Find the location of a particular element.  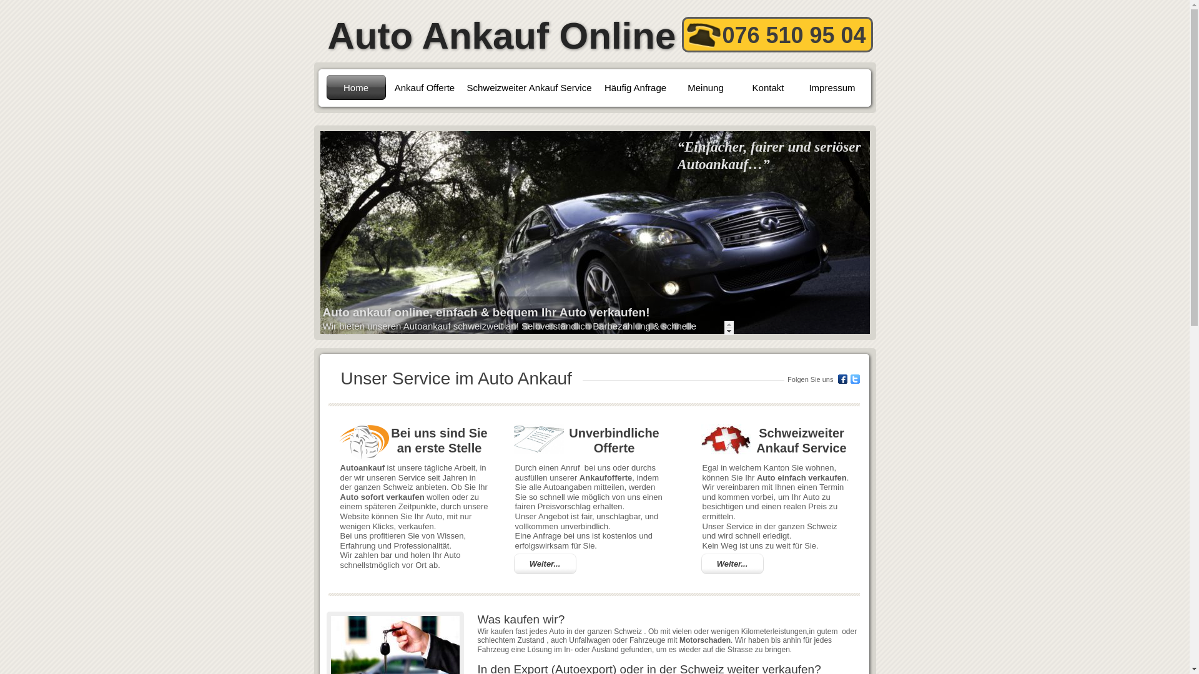

'Motorschaden' is located at coordinates (704, 639).